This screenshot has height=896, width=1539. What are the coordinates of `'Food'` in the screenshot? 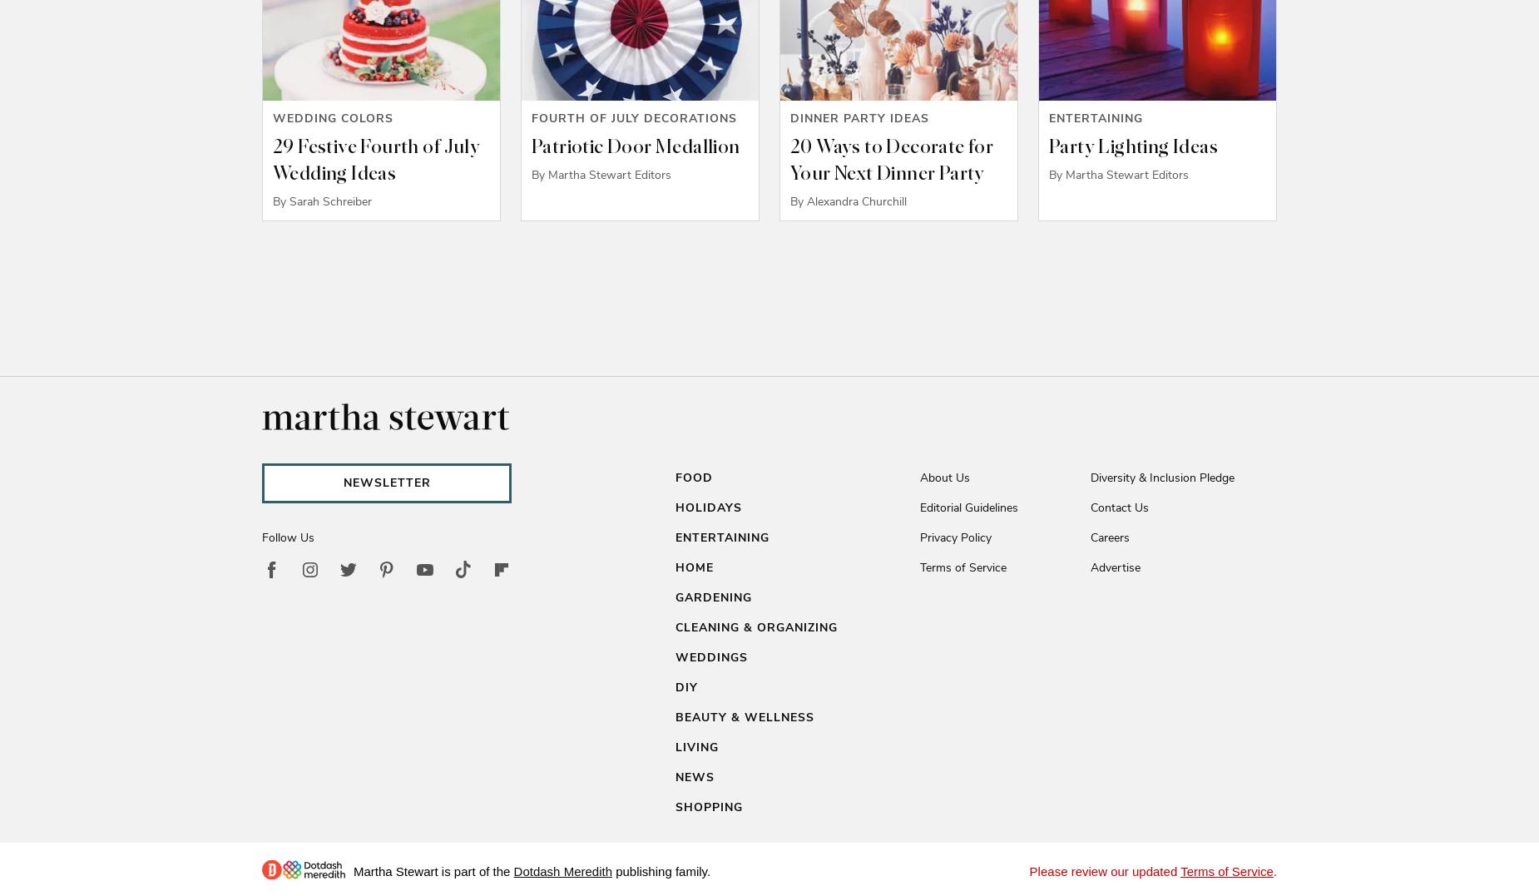 It's located at (694, 478).